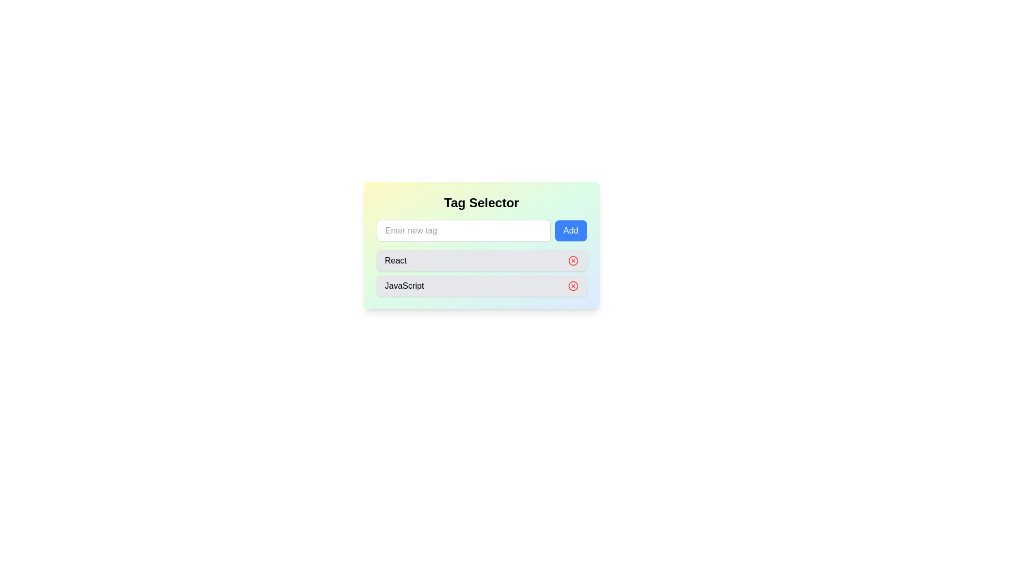 This screenshot has height=568, width=1010. I want to click on the 'JavaScript' tag which has a delete button on its right, so click(481, 286).